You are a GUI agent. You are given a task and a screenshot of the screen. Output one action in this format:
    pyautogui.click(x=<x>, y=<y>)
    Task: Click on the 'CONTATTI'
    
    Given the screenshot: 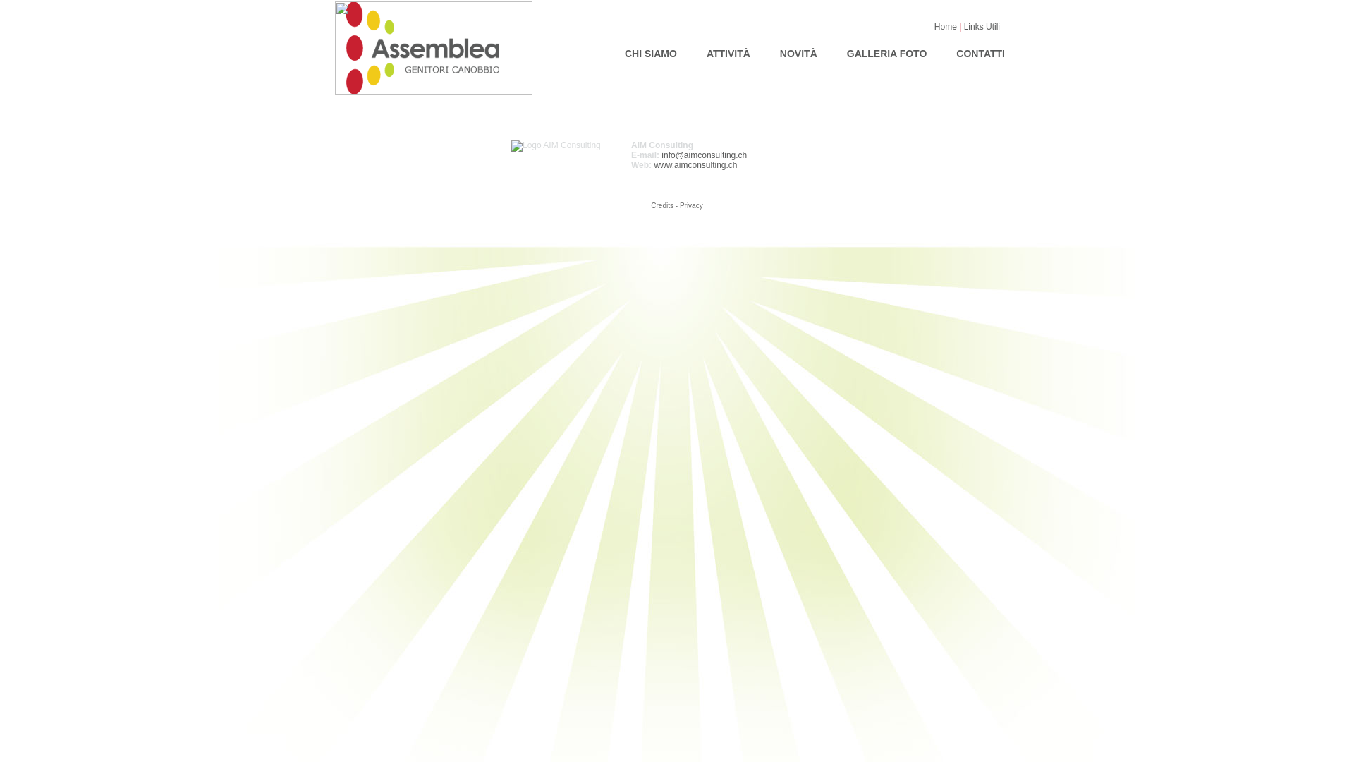 What is the action you would take?
    pyautogui.click(x=980, y=51)
    